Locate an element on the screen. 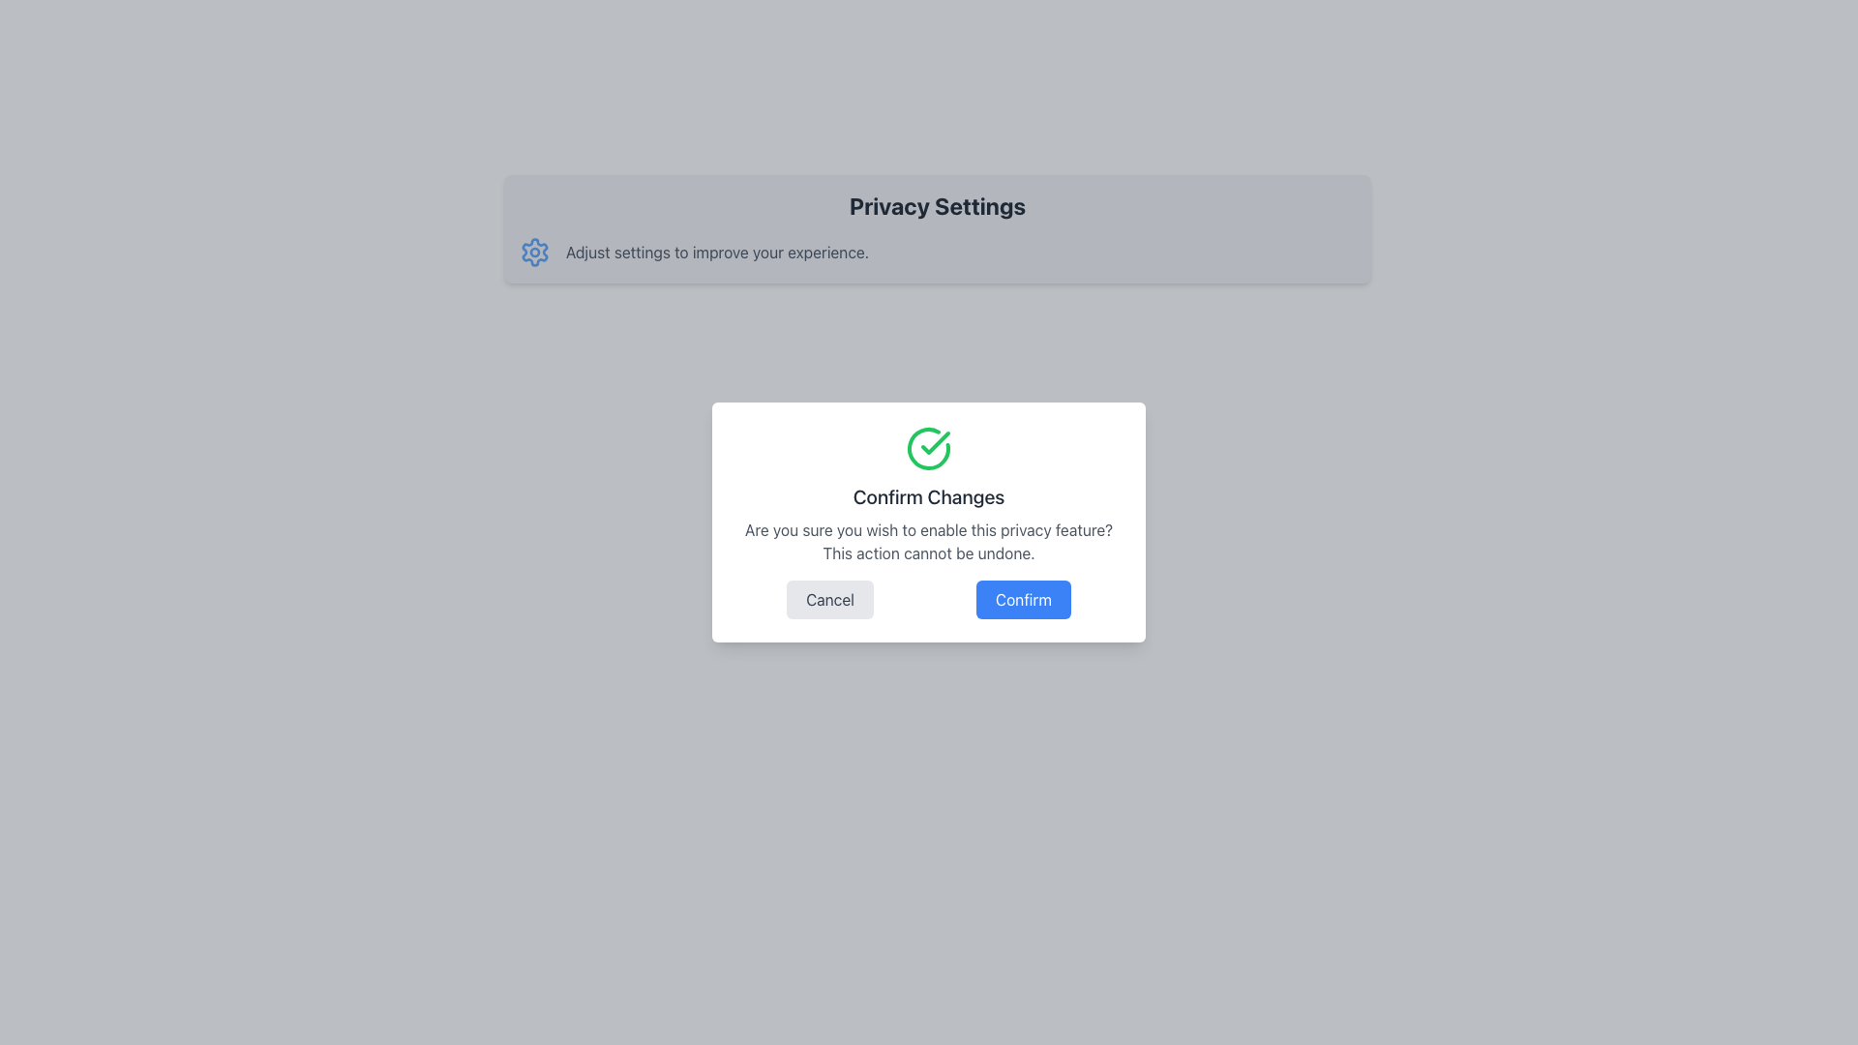  the Informative Display that presents a confirmation message about enabling the privacy feature, located near the top-center of the modal dialog above the 'Cancel' and 'Confirm' buttons is located at coordinates (929, 494).